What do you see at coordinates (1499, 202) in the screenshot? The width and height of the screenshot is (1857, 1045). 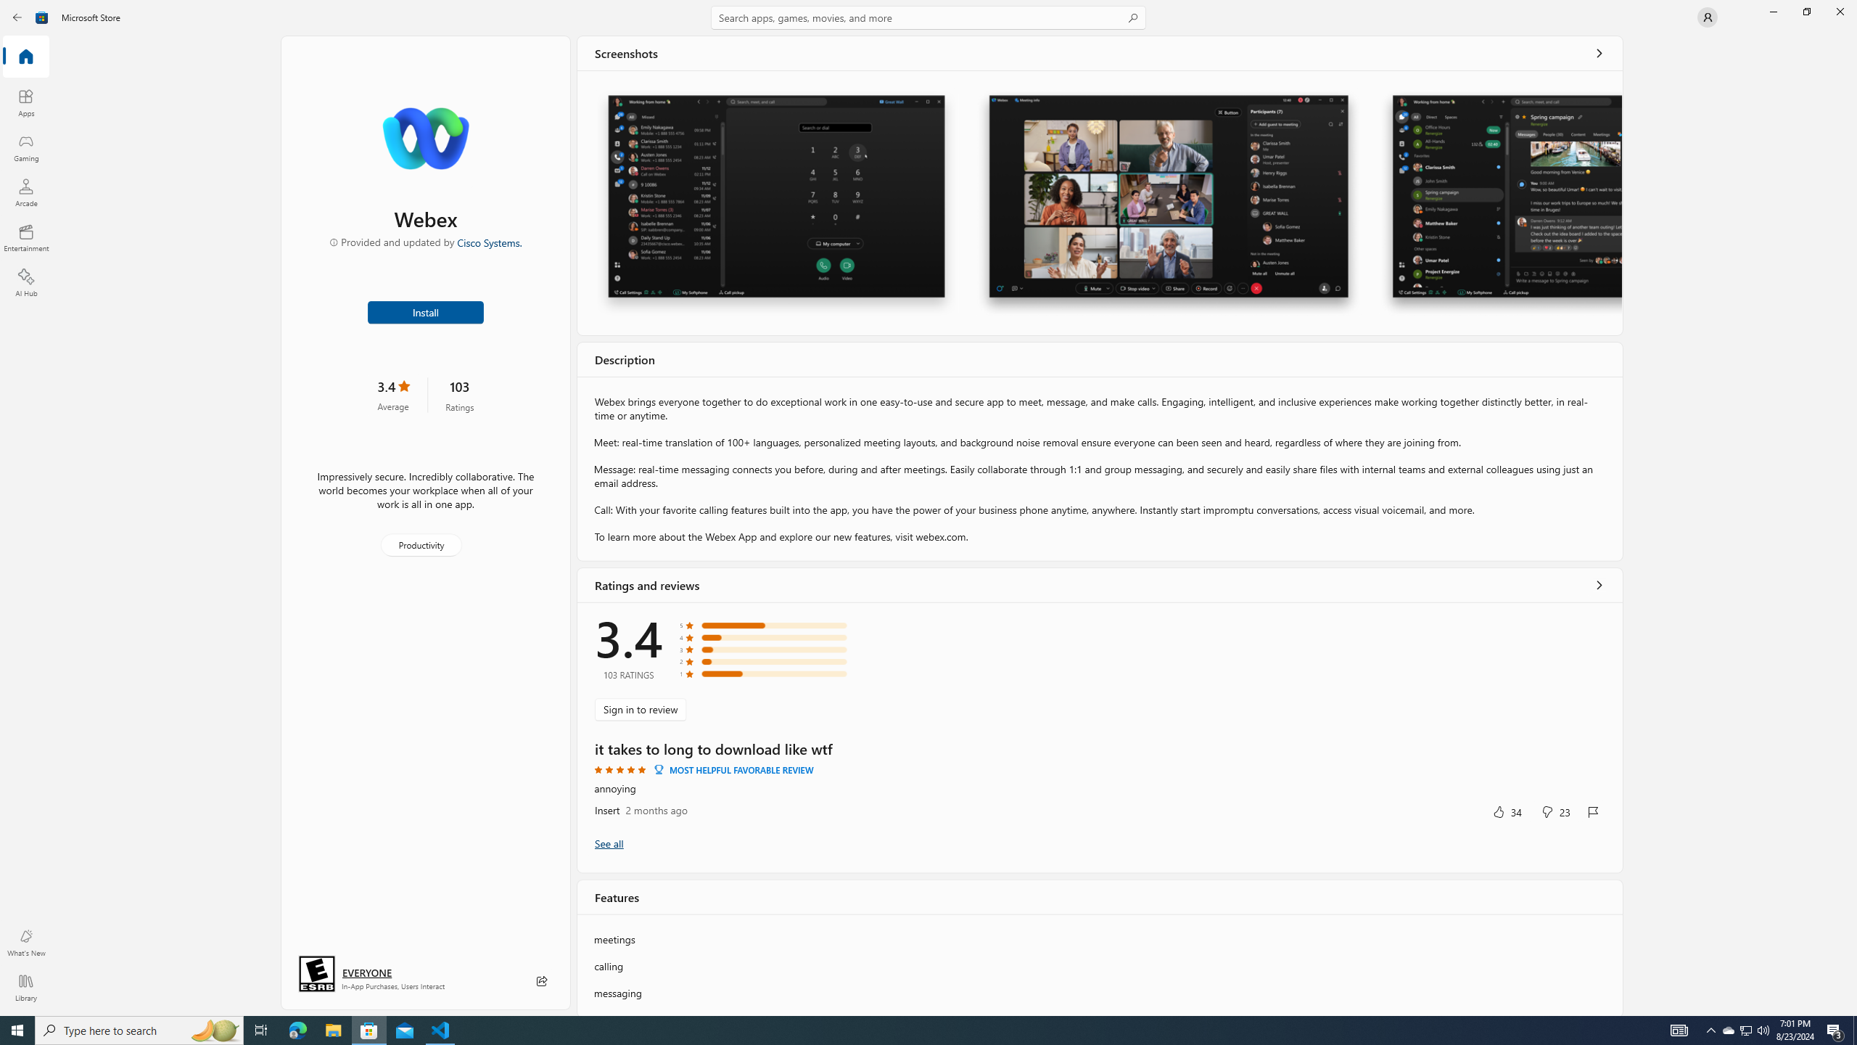 I see `'Screenshot 3'` at bounding box center [1499, 202].